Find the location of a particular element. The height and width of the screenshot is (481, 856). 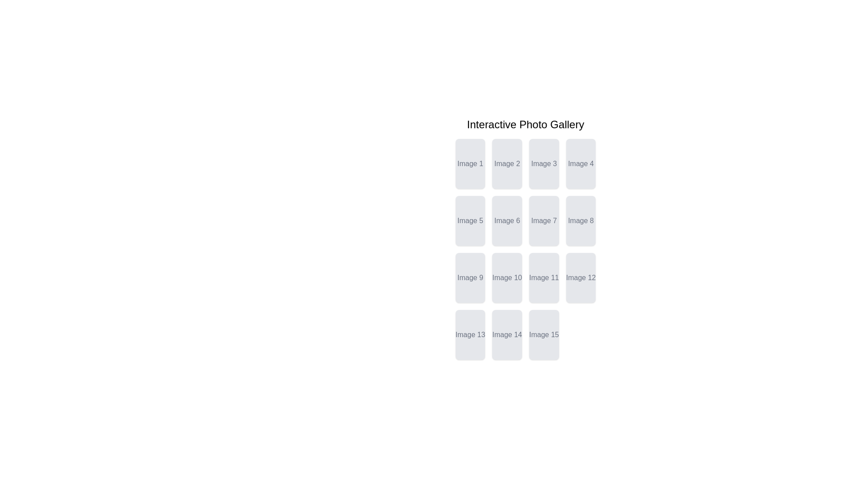

the 'Image 14' card in the visual grid is located at coordinates (507, 335).